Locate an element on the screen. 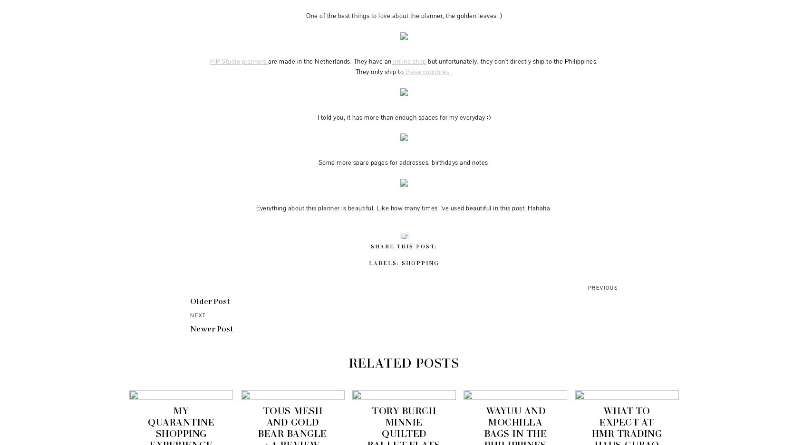  'but unfortunately, they don't directly ship to the Philippines. They only ship to' is located at coordinates (476, 66).